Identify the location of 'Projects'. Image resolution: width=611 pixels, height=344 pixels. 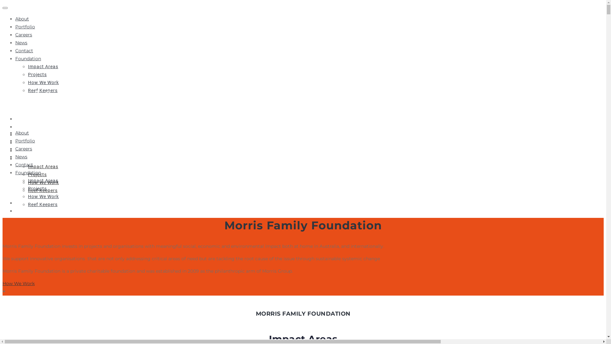
(27, 174).